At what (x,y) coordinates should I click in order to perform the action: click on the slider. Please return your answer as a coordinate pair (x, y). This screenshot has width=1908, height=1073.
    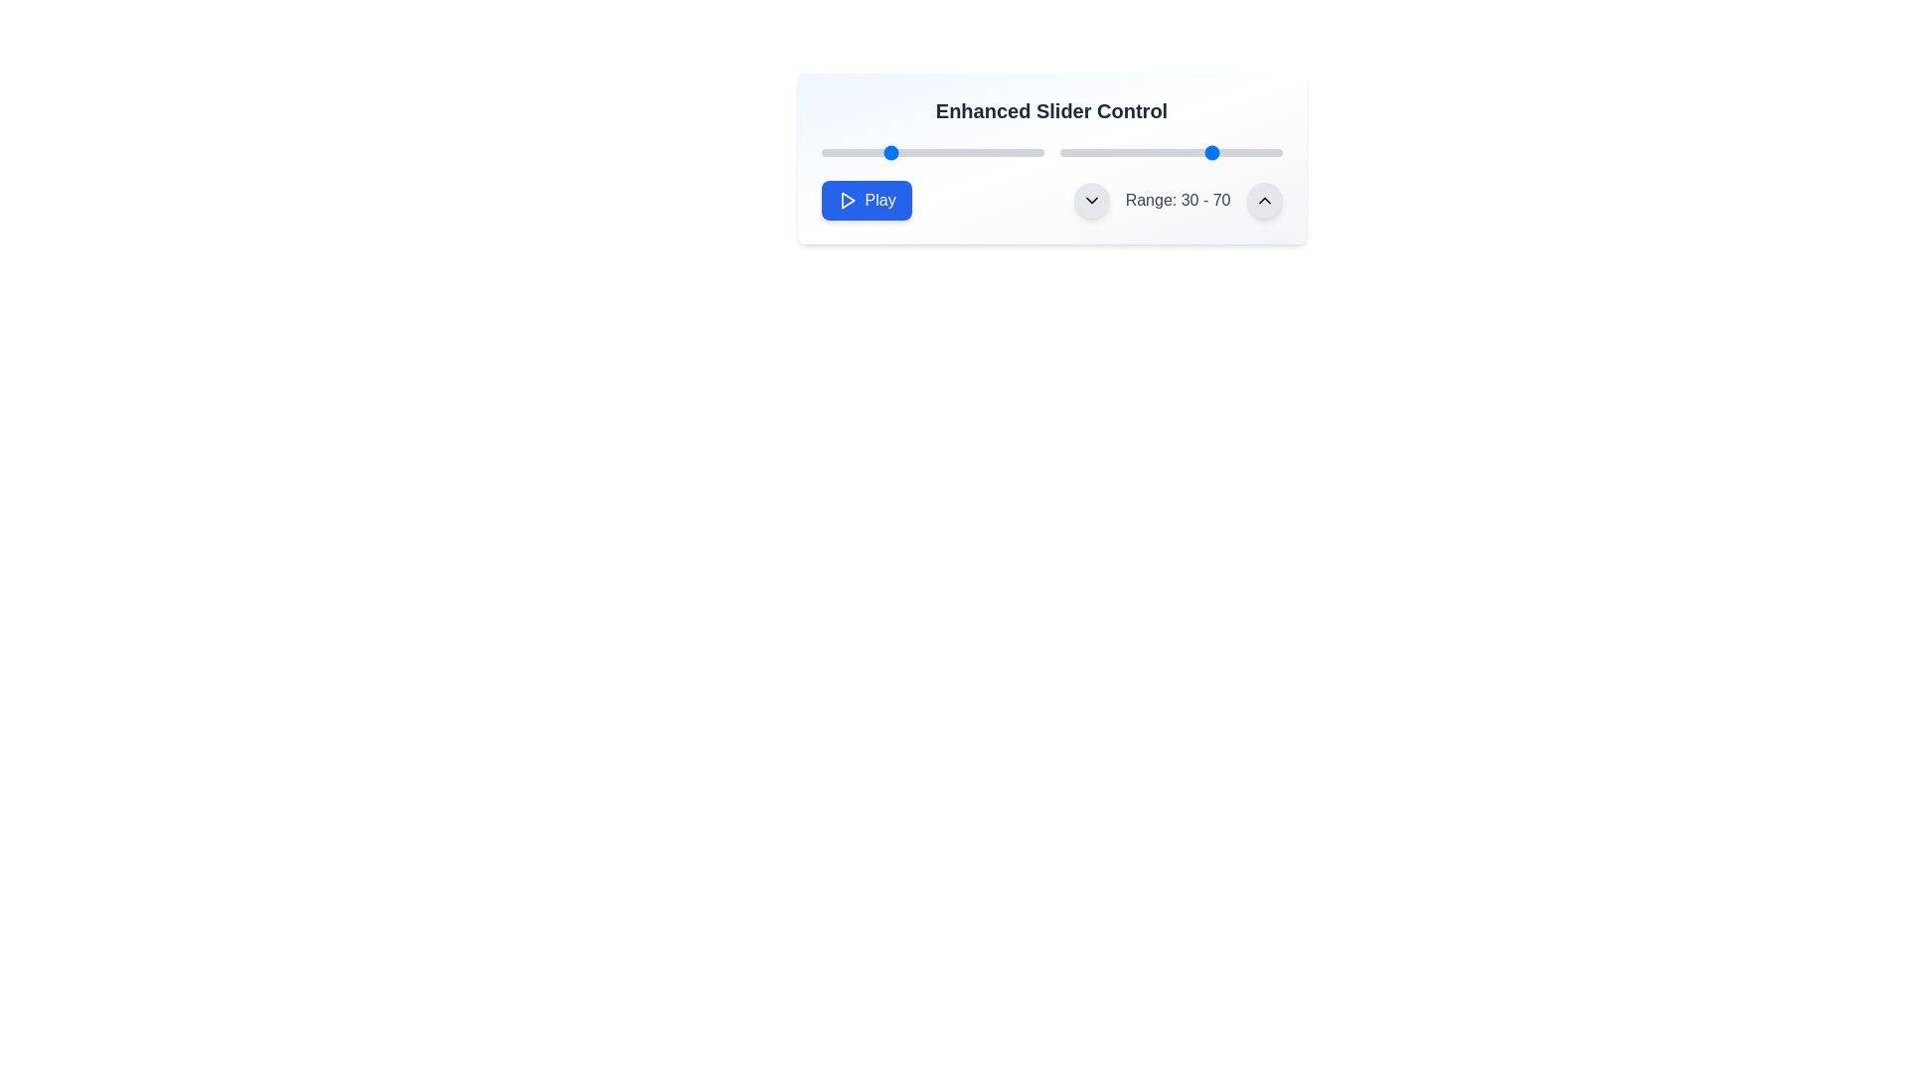
    Looking at the image, I should click on (940, 152).